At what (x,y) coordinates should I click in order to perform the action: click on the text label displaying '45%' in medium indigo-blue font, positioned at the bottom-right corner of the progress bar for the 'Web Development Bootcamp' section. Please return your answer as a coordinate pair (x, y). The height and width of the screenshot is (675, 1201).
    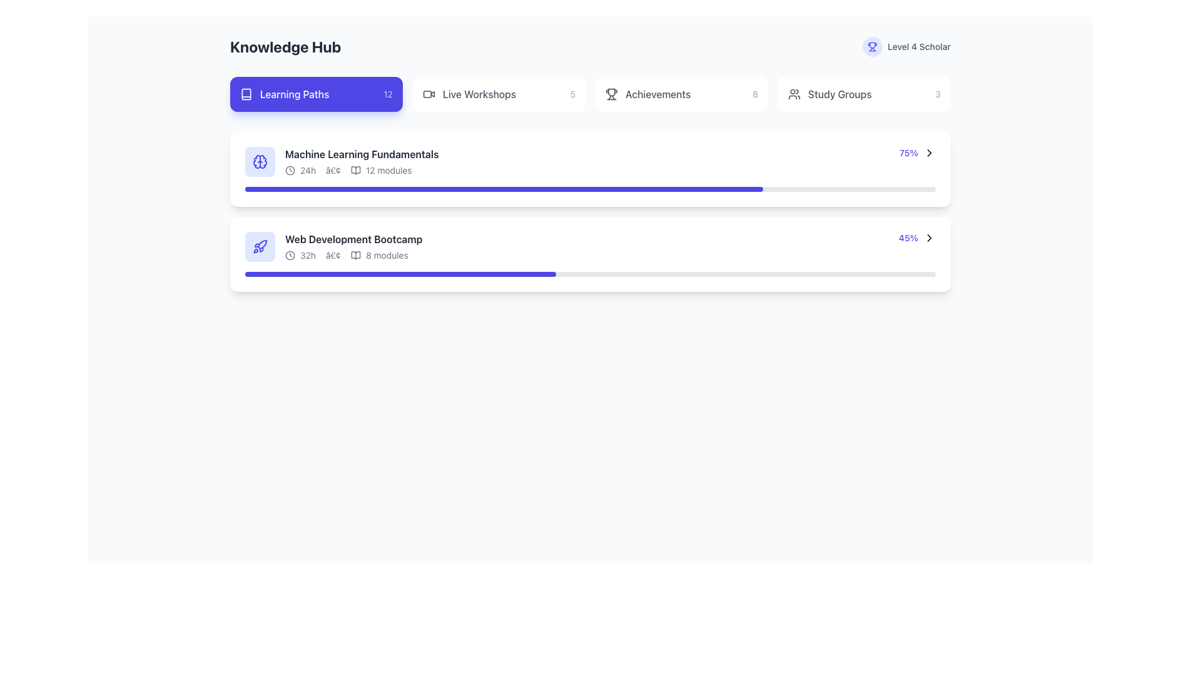
    Looking at the image, I should click on (908, 238).